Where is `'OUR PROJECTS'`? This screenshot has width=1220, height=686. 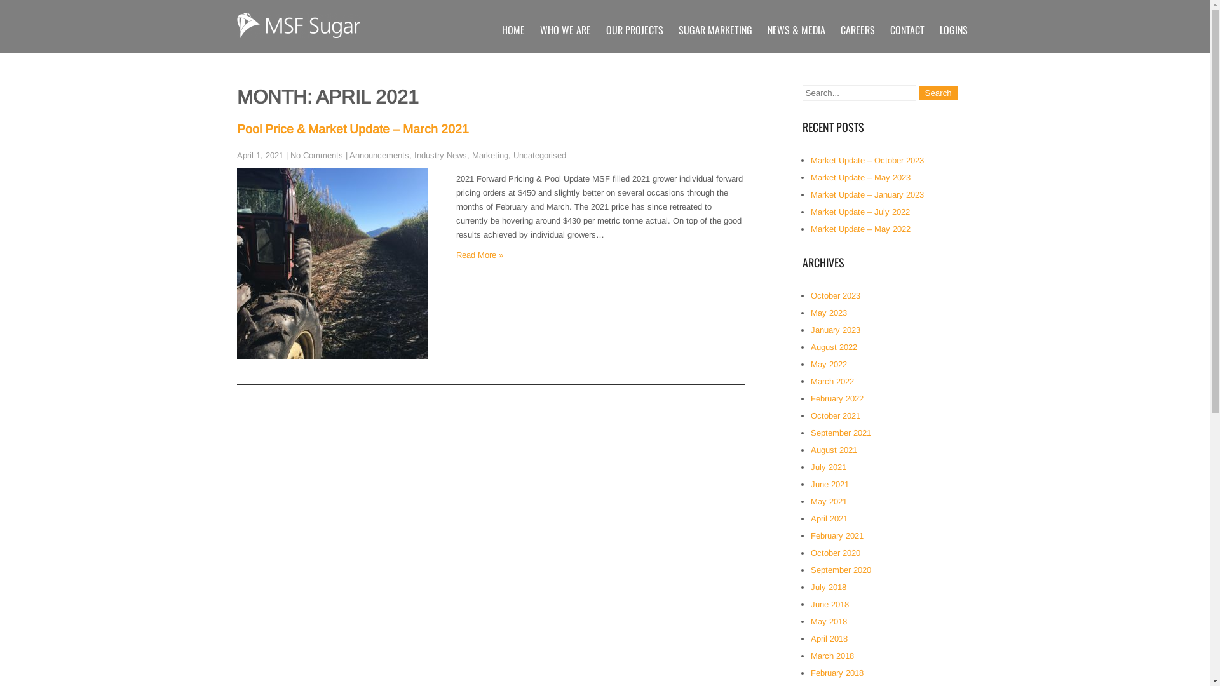 'OUR PROJECTS' is located at coordinates (634, 29).